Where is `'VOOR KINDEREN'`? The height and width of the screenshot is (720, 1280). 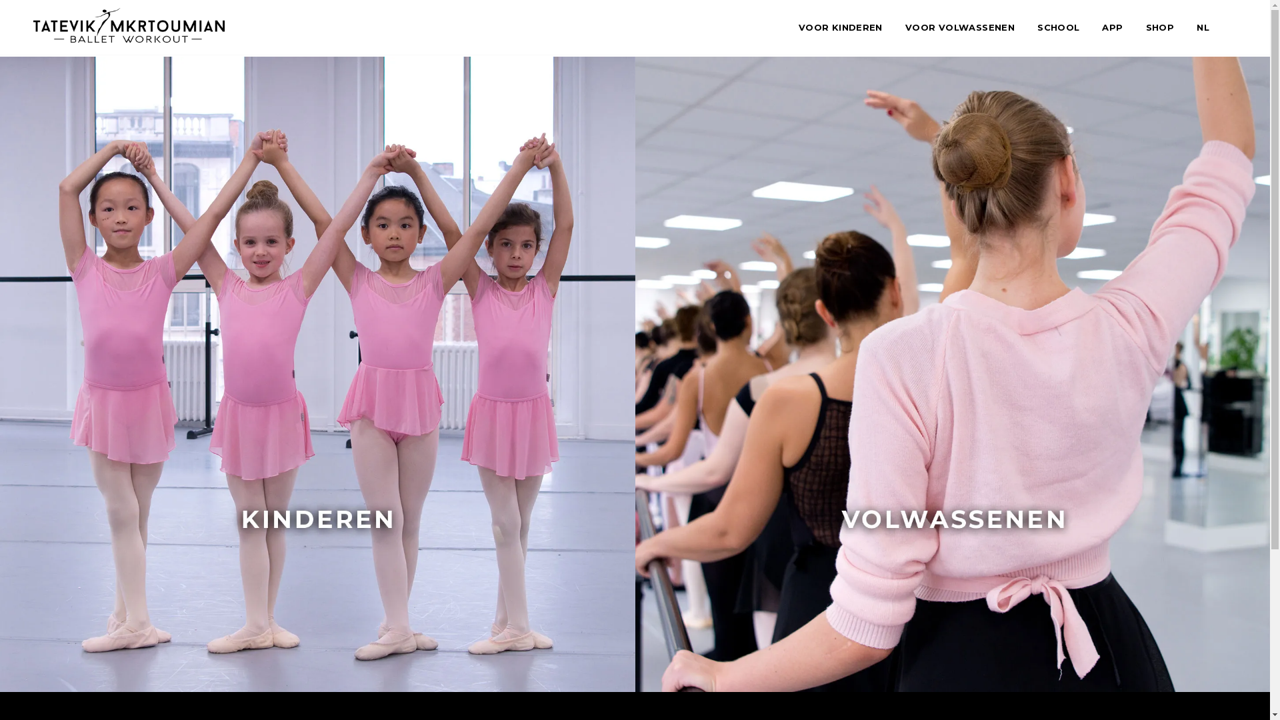 'VOOR KINDEREN' is located at coordinates (840, 27).